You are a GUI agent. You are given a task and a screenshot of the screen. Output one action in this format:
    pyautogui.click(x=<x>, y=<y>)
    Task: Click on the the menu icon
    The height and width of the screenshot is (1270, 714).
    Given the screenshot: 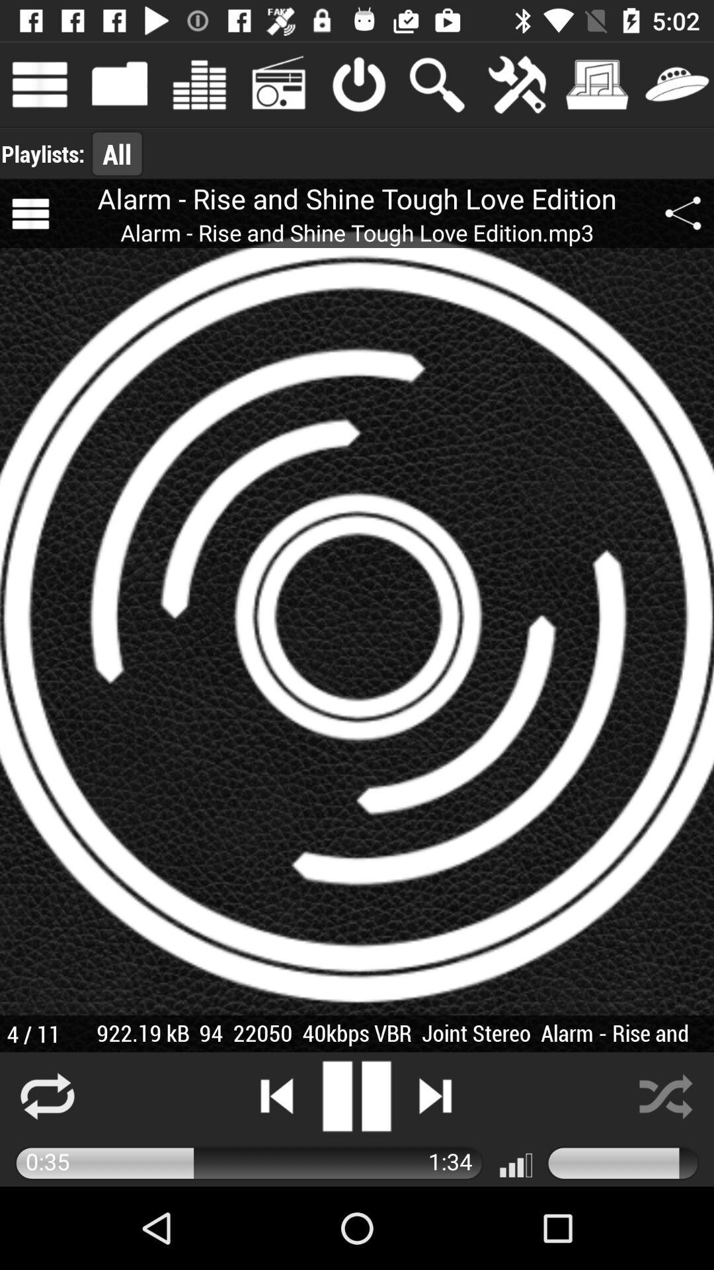 What is the action you would take?
    pyautogui.click(x=30, y=214)
    